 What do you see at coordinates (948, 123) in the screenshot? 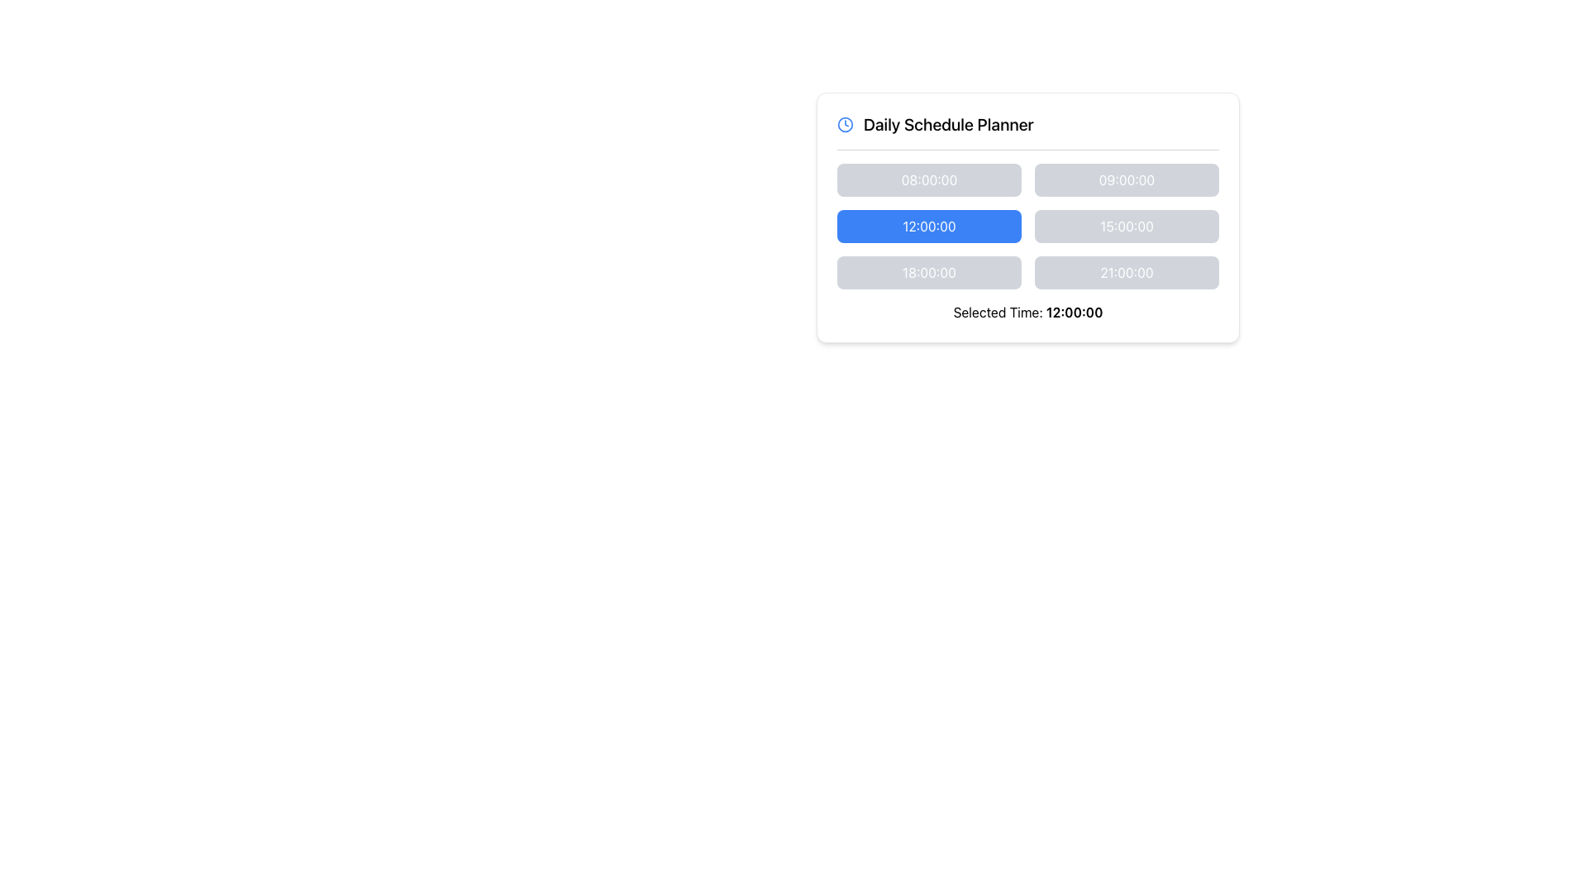
I see `text displayed on the header label in the daily schedule planner interface, which is located to the right of the clock icon` at bounding box center [948, 123].